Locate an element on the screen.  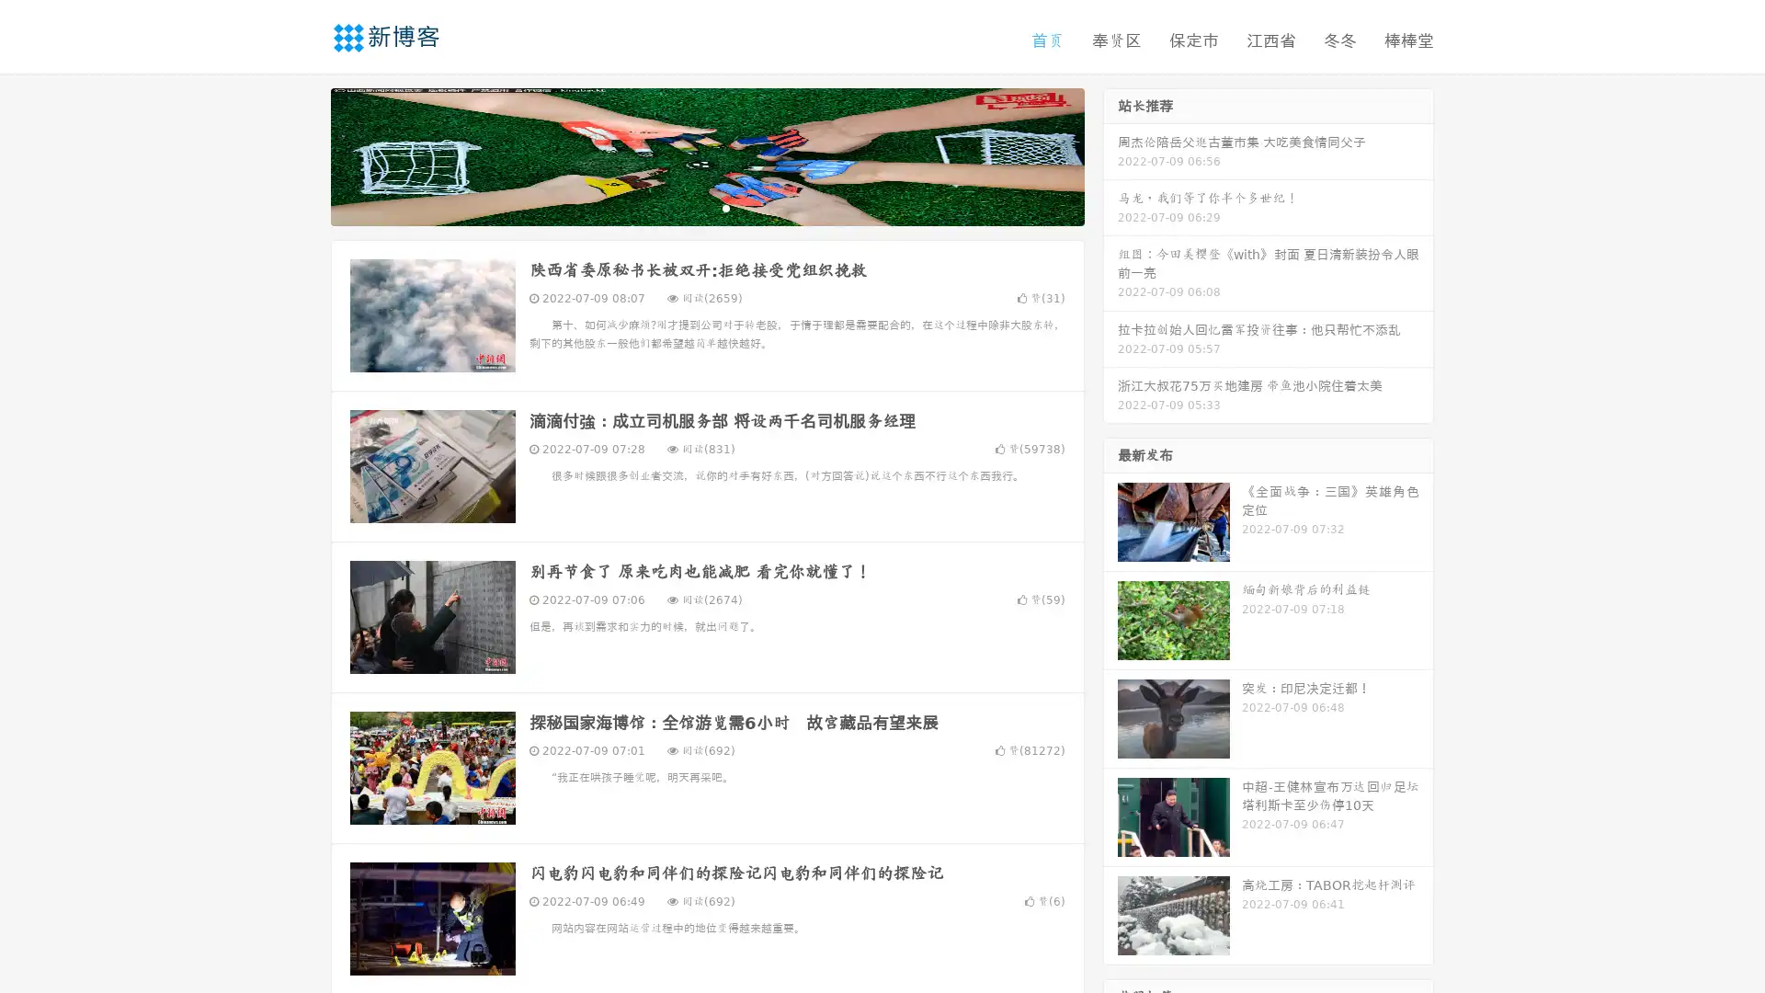
Go to slide 3 is located at coordinates (725, 207).